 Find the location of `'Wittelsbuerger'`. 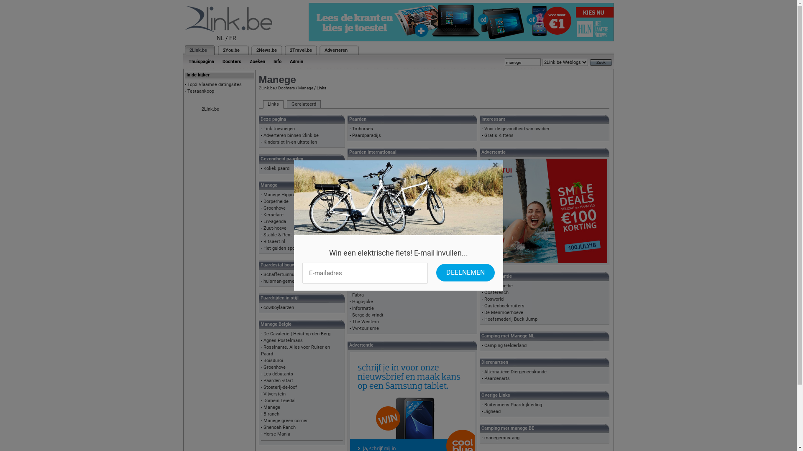

'Wittelsbuerger' is located at coordinates (367, 215).